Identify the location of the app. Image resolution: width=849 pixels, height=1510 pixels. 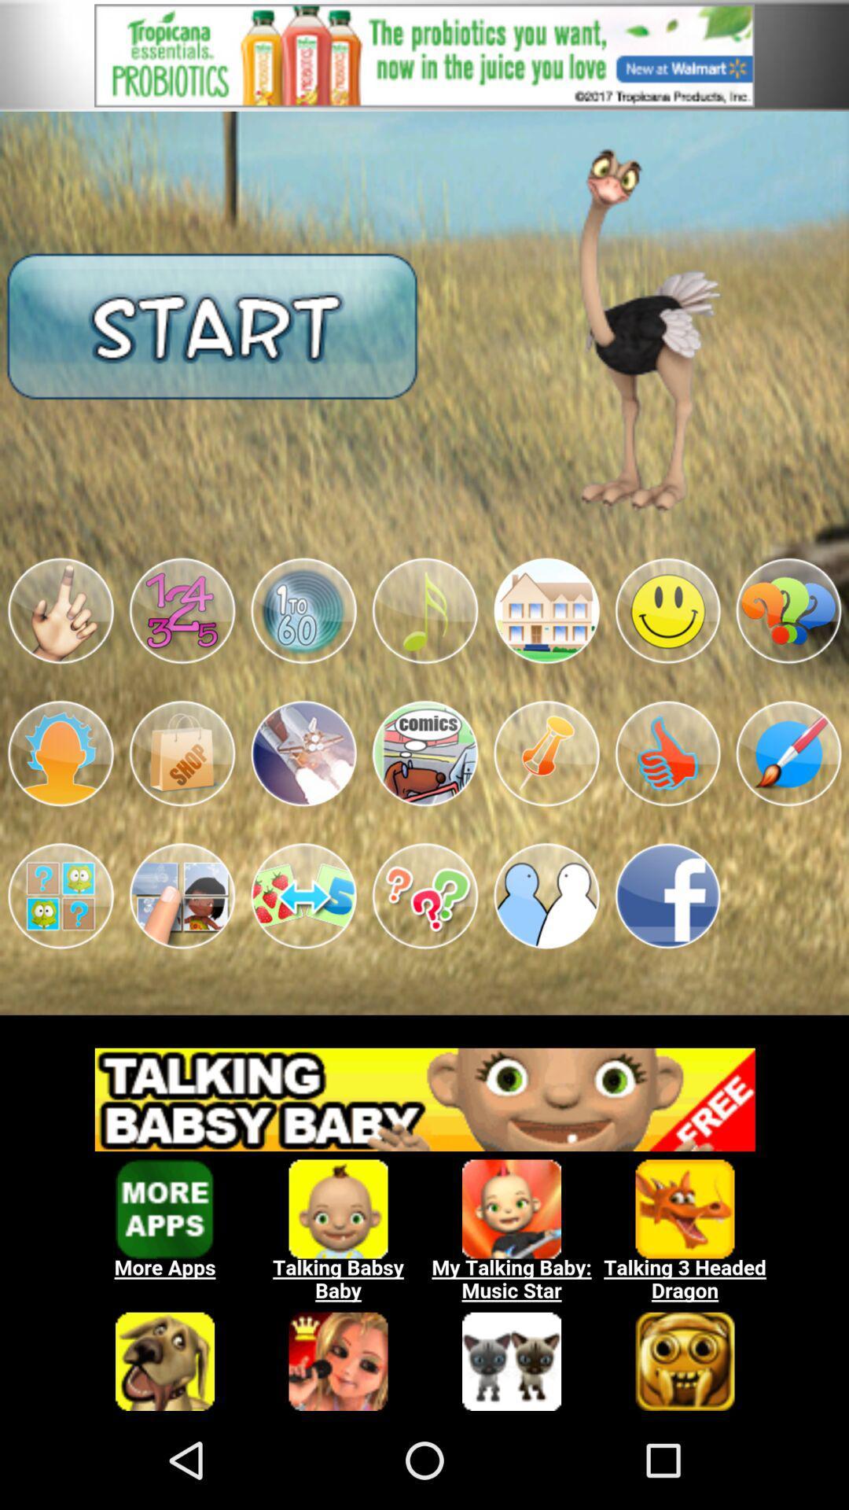
(303, 896).